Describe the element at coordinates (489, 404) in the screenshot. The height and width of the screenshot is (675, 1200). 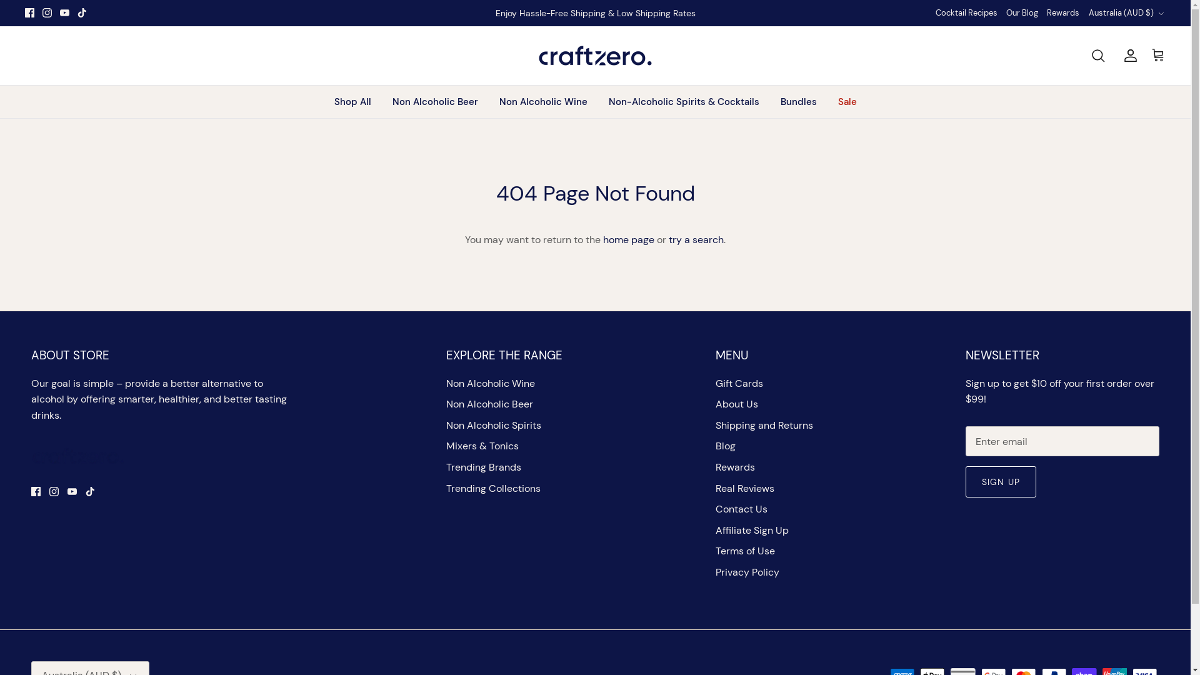
I see `'Non Alcoholic Beer'` at that location.